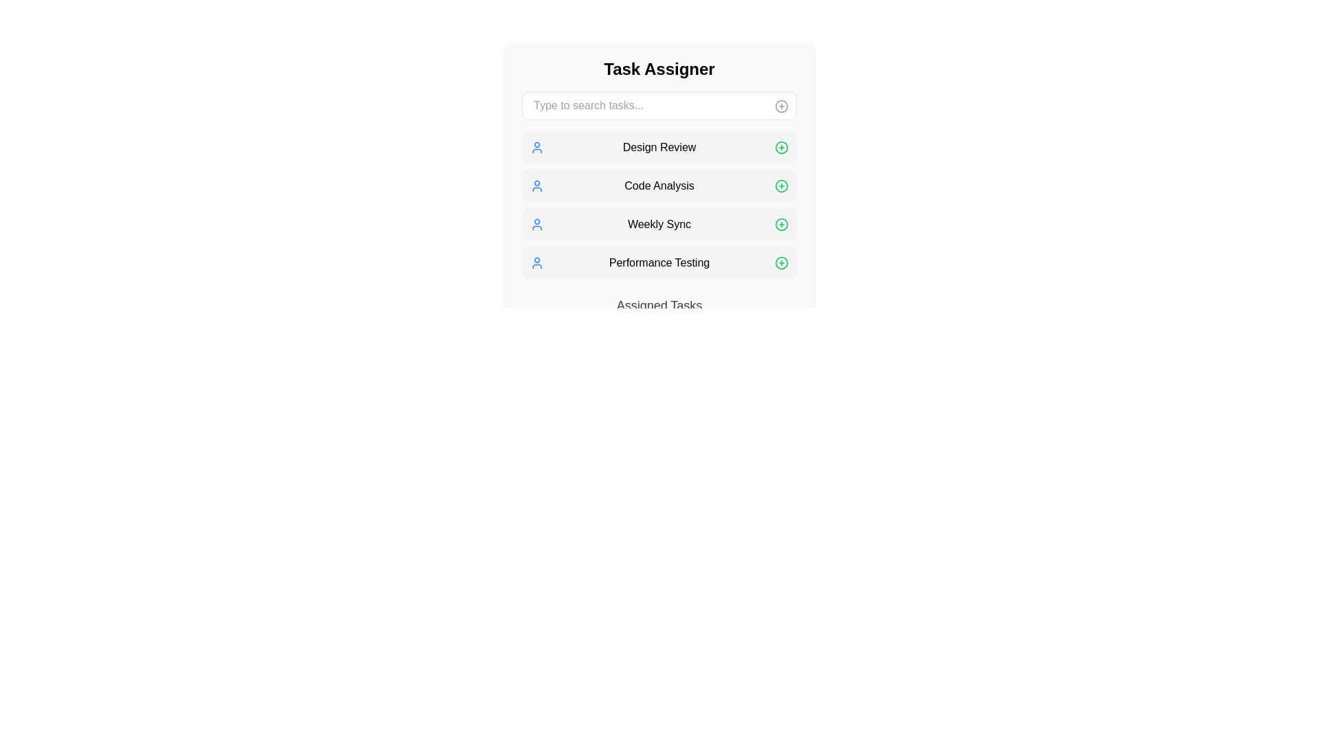 The image size is (1319, 742). Describe the element at coordinates (537, 262) in the screenshot. I see `the icon representing the 'Performance Testing' task` at that location.